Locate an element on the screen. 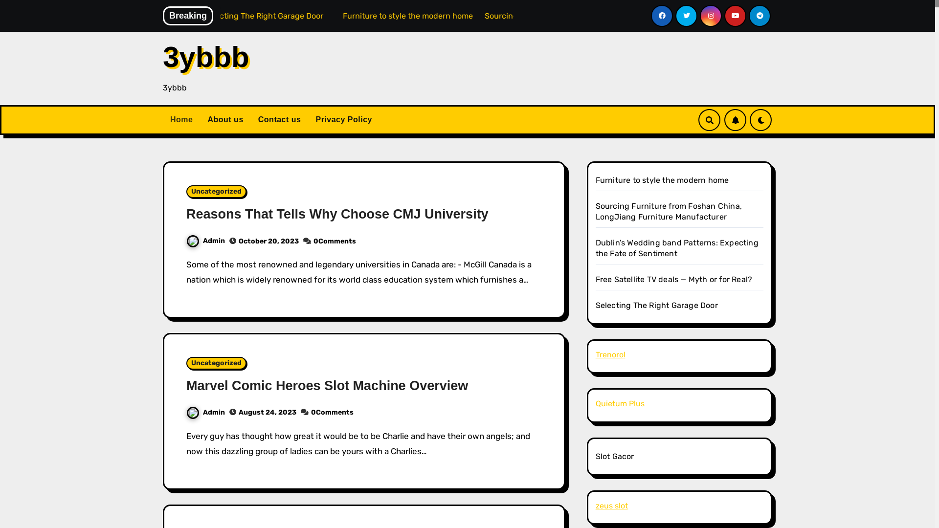 This screenshot has height=528, width=939. 'Reasons That Tells Why Choose CMJ University' is located at coordinates (337, 214).